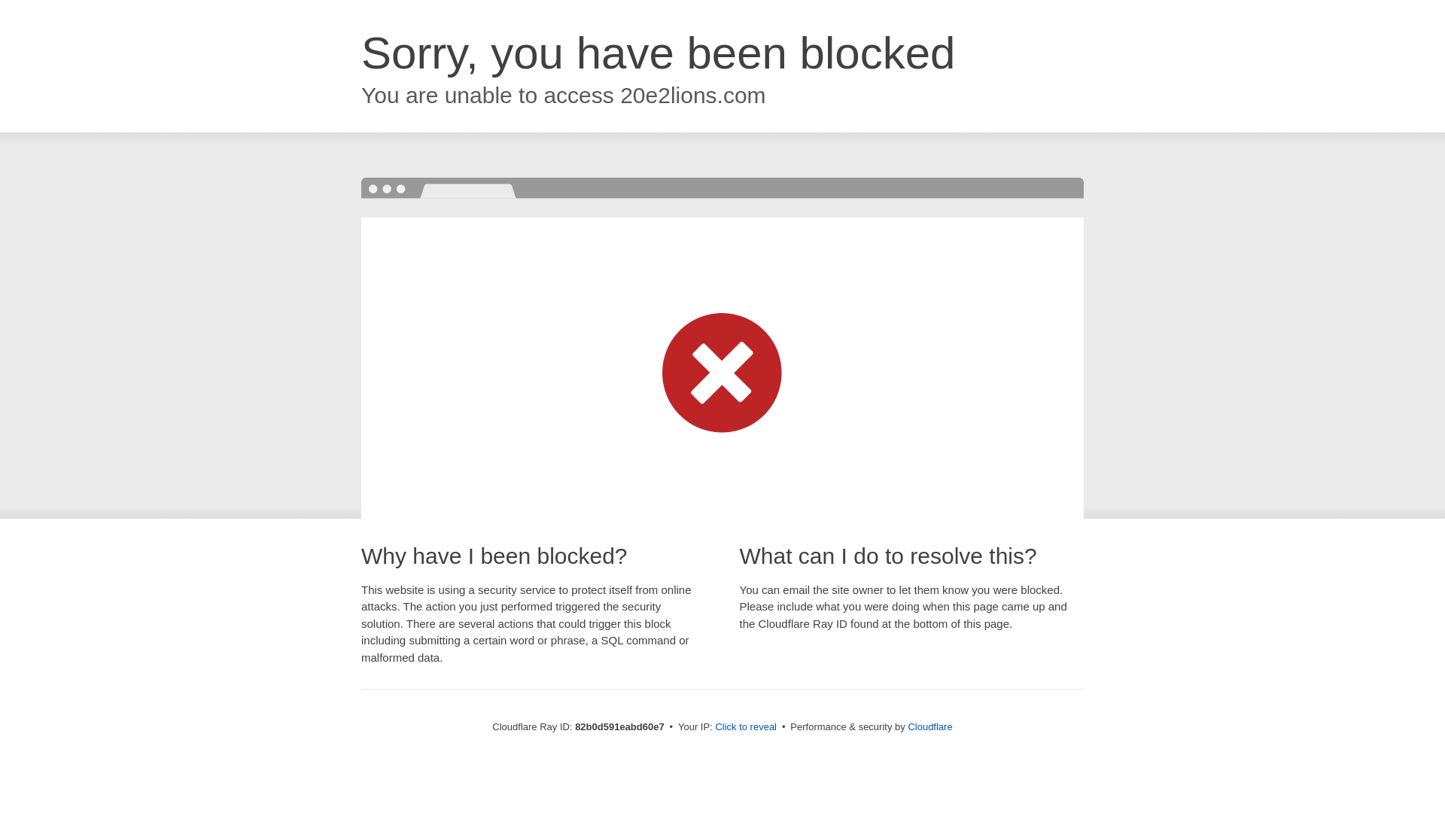 Image resolution: width=1445 pixels, height=813 pixels. I want to click on 'Cloudflare', so click(929, 726).